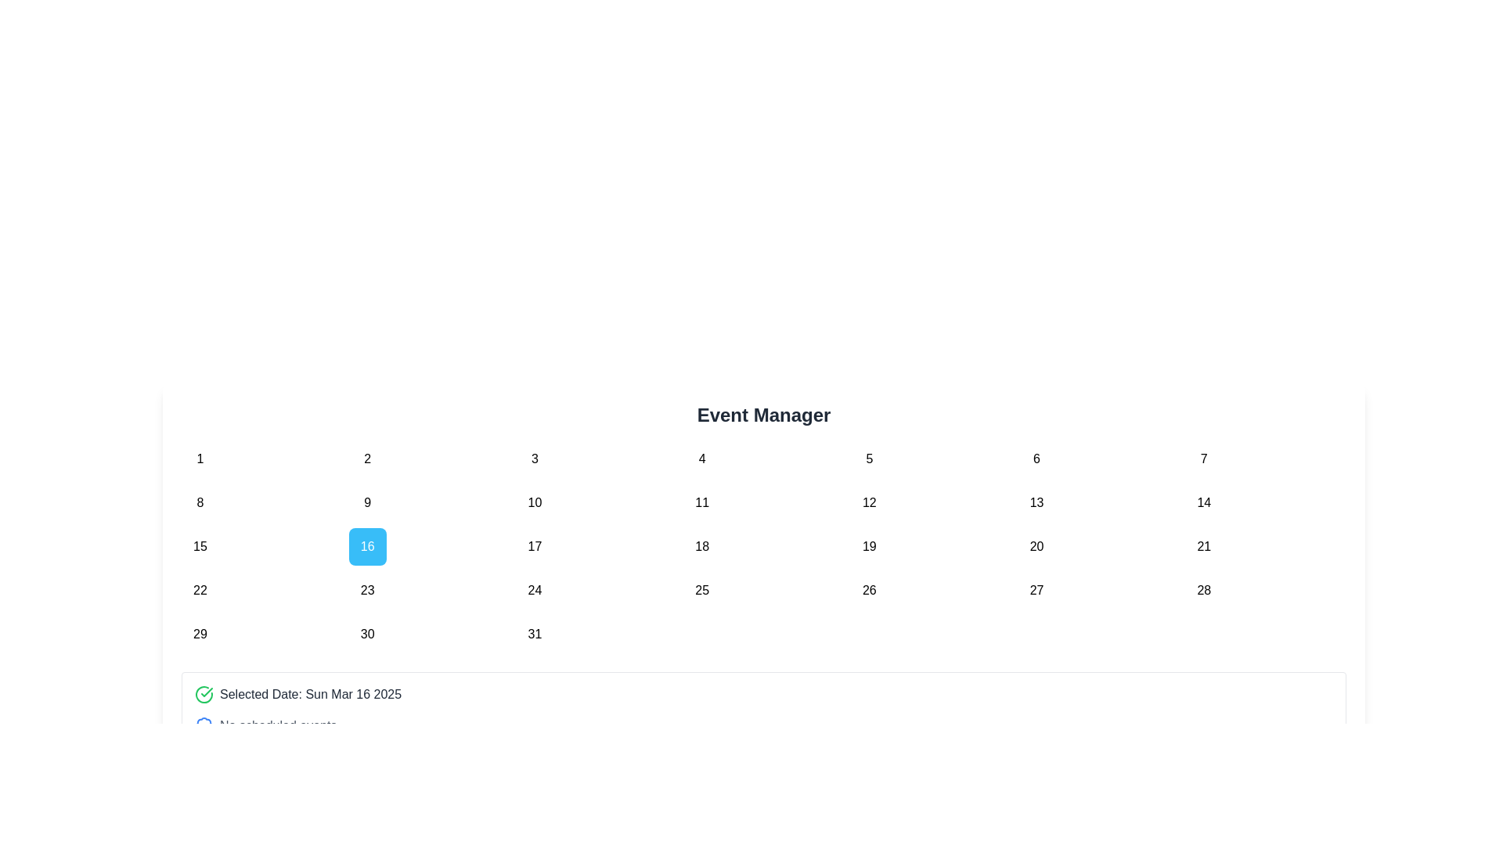 Image resolution: width=1503 pixels, height=845 pixels. What do you see at coordinates (1036, 458) in the screenshot?
I see `the numeral '6' button in the calendar layout` at bounding box center [1036, 458].